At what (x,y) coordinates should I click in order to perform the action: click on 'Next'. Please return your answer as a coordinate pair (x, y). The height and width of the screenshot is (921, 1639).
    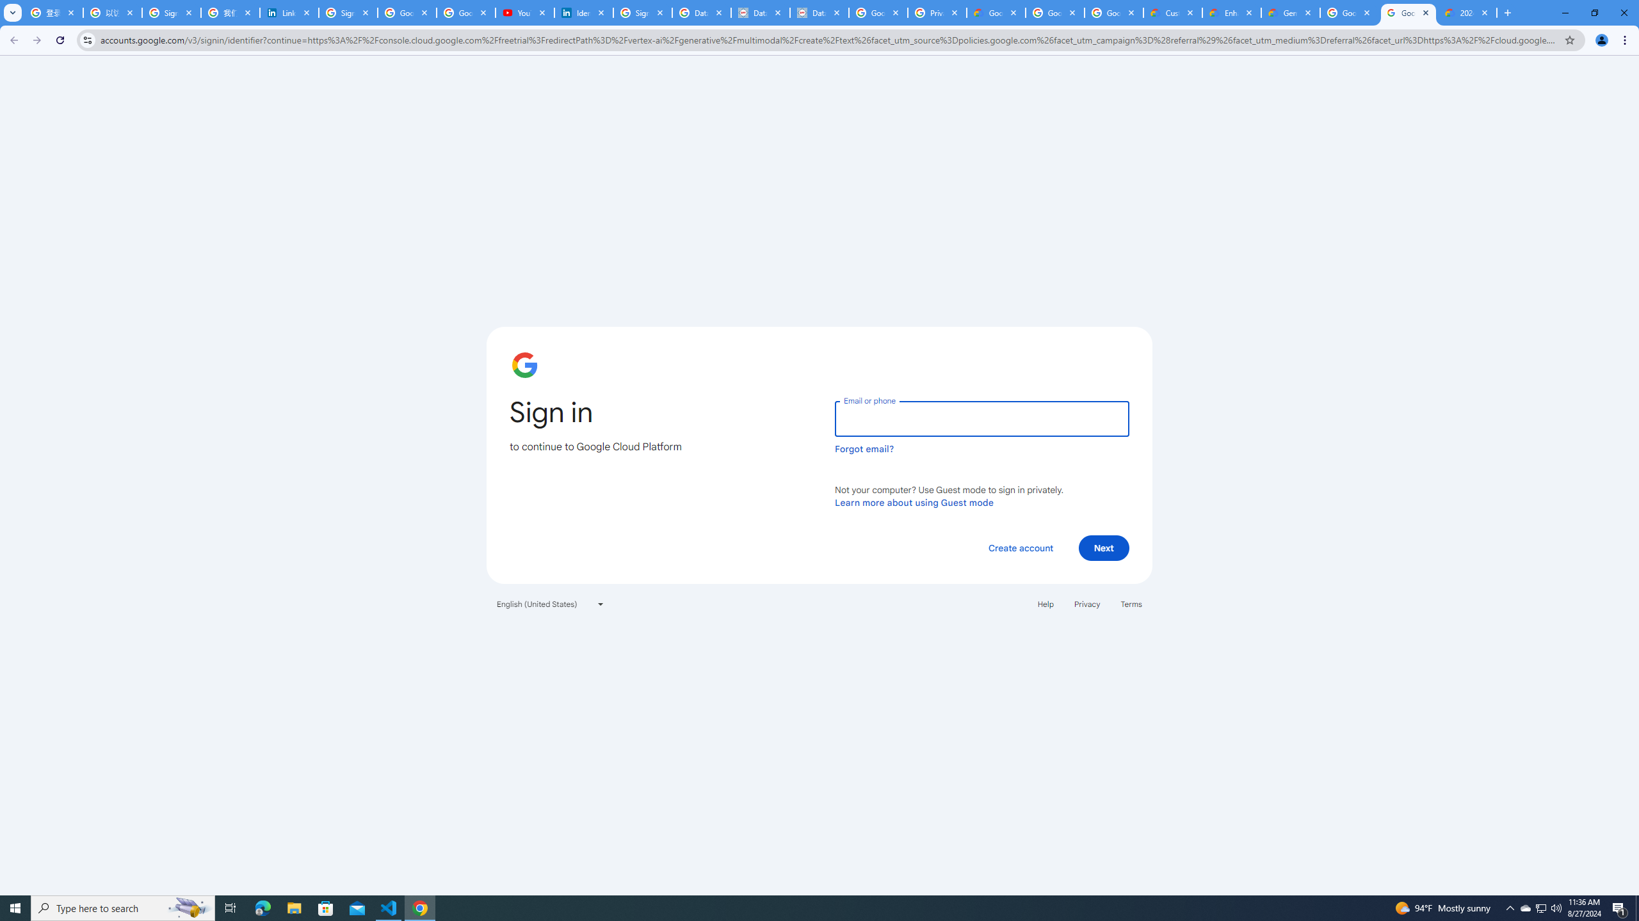
    Looking at the image, I should click on (1104, 547).